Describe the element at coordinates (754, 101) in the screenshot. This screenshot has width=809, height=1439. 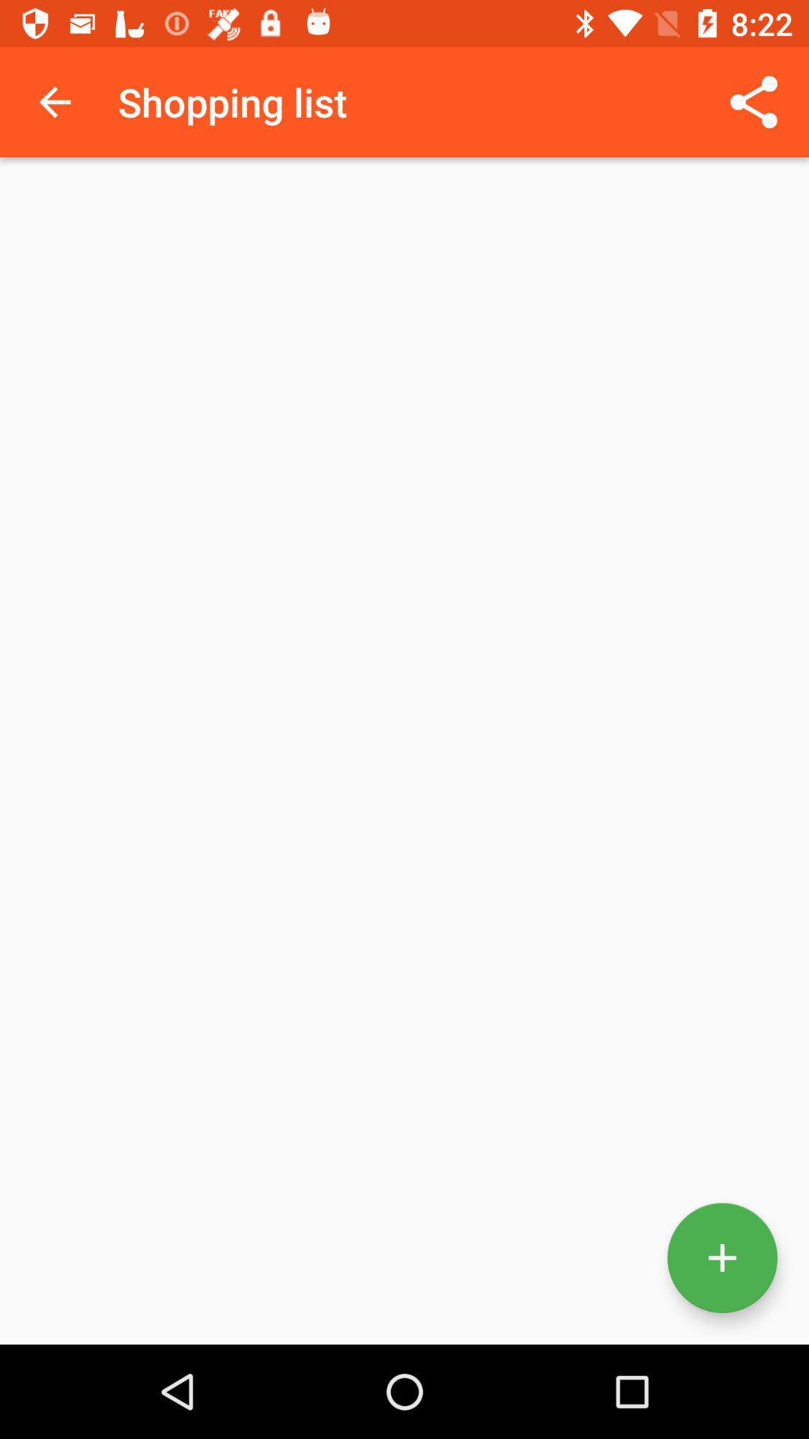
I see `item at the top right corner` at that location.